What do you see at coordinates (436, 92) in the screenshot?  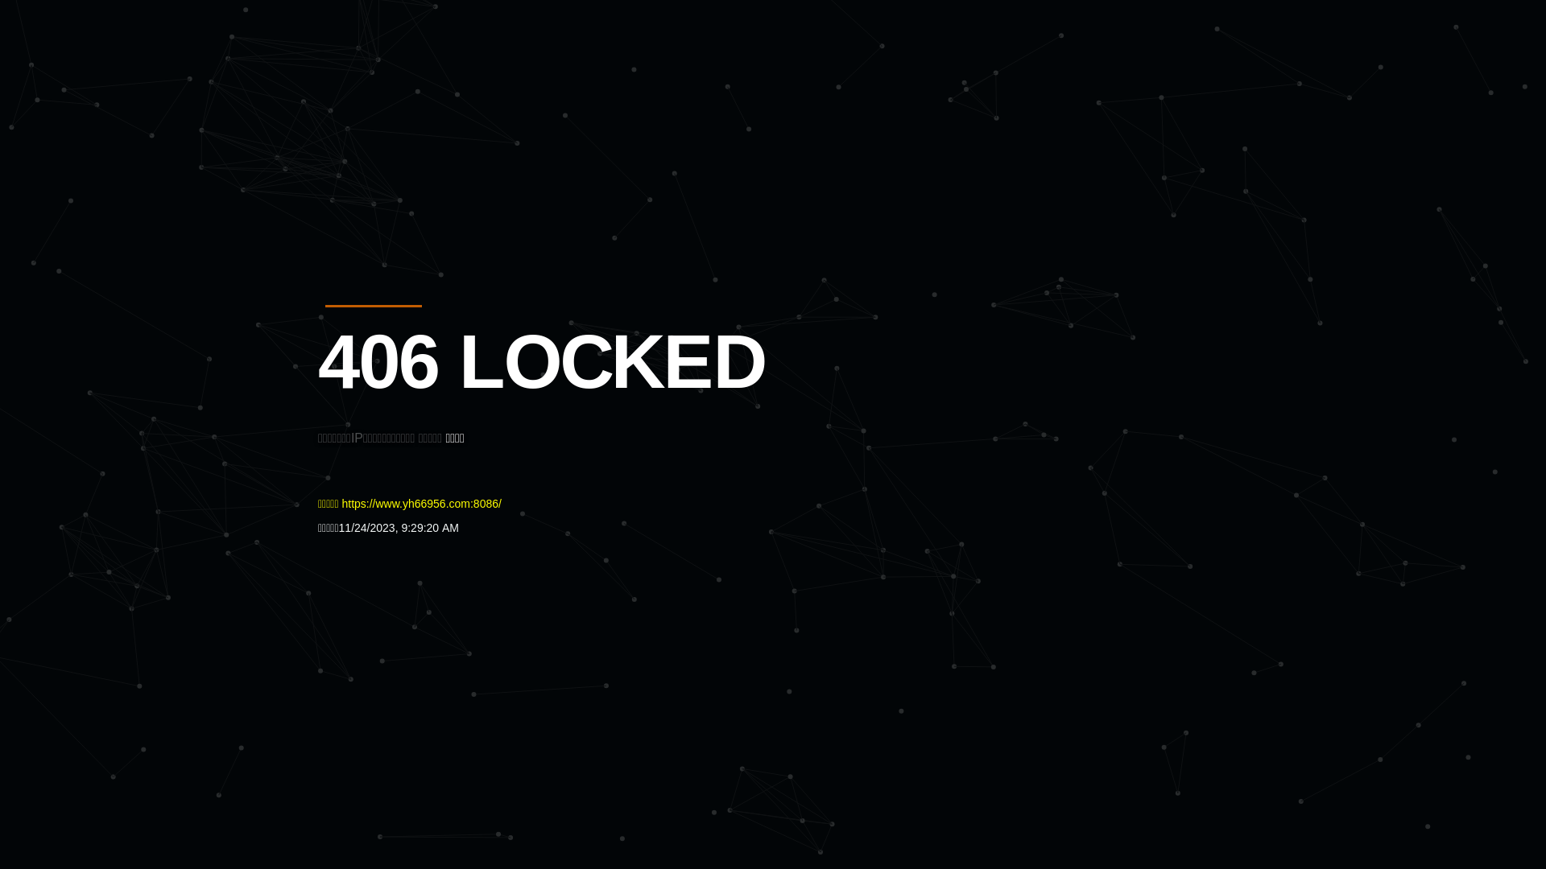 I see `'Quatro'` at bounding box center [436, 92].